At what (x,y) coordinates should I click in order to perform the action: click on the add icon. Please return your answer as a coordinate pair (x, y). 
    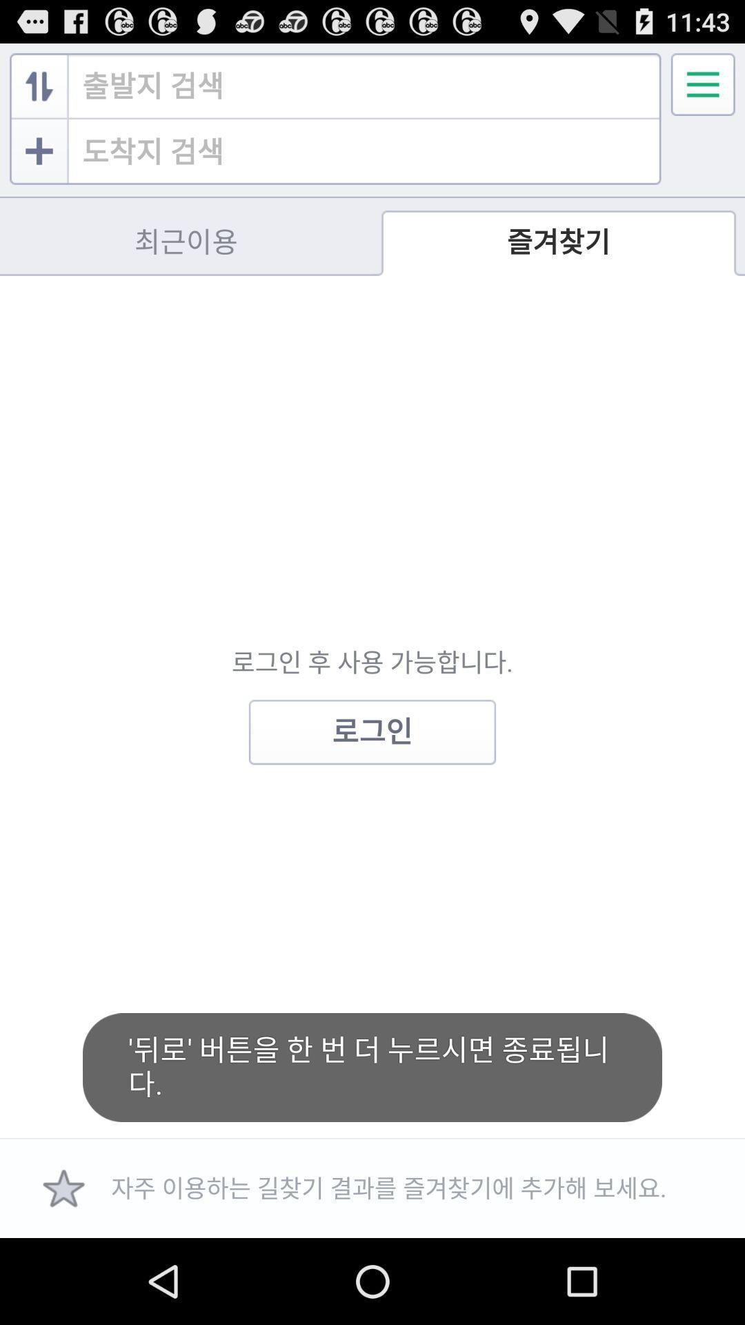
    Looking at the image, I should click on (39, 162).